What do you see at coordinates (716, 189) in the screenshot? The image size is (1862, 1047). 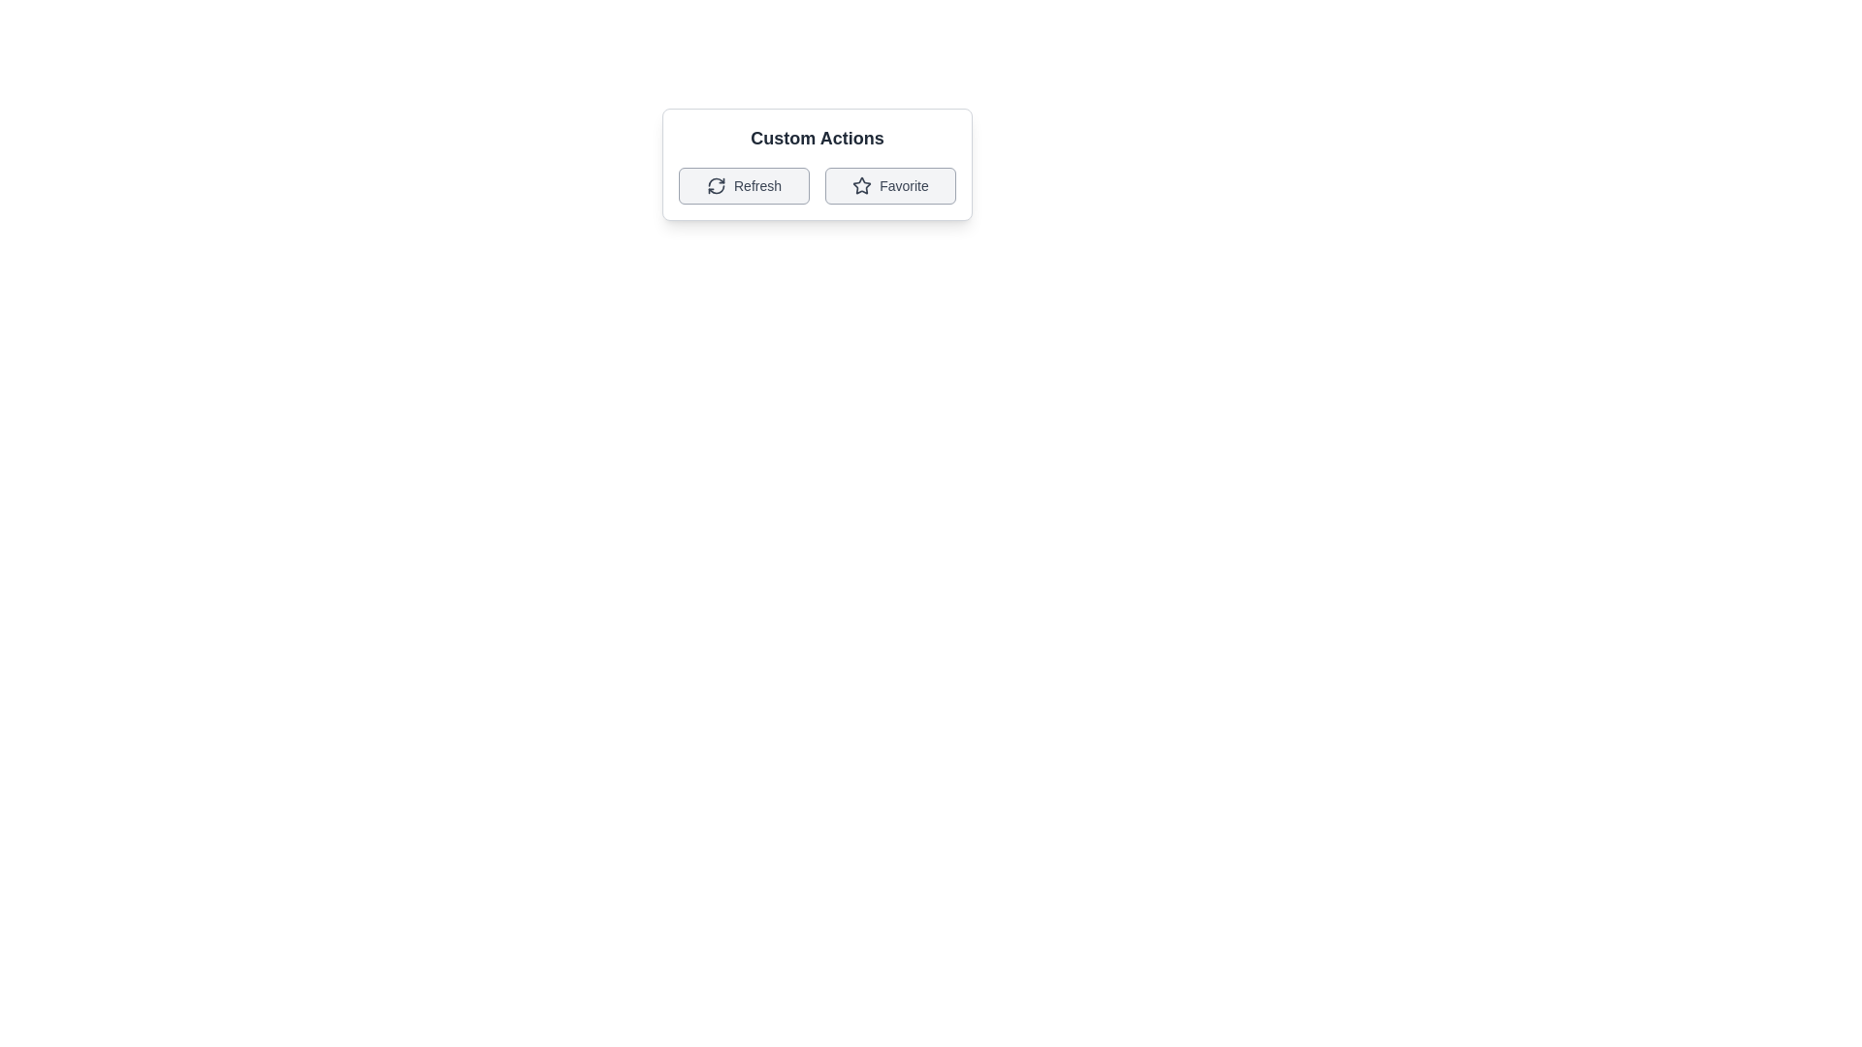 I see `the lower semi-circular arc of the refresh icon within the 'Refresh' button in the 'Custom Actions' section` at bounding box center [716, 189].